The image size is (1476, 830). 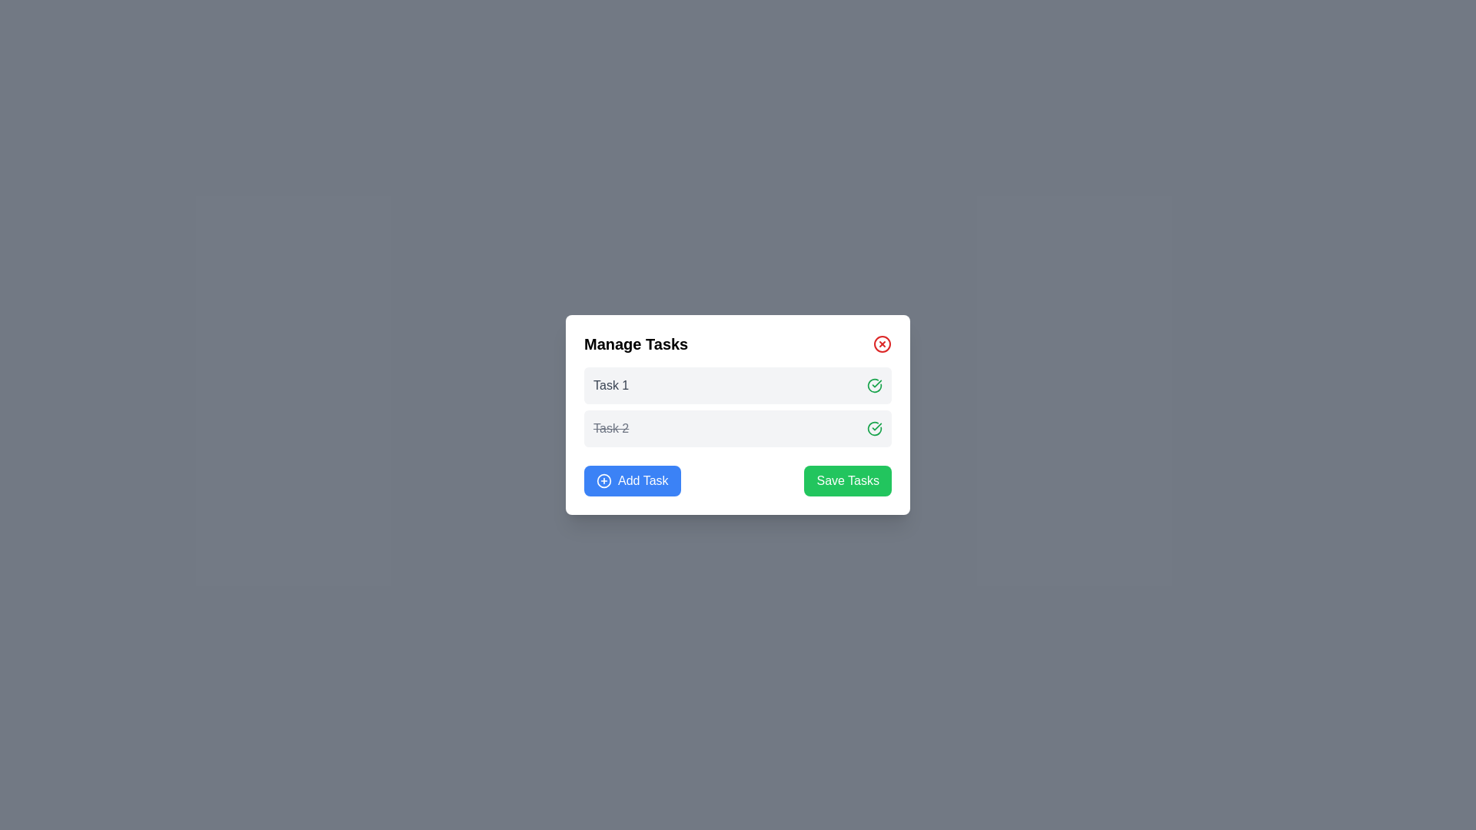 What do you see at coordinates (882, 343) in the screenshot?
I see `the circular red 'Close' button with a white 'X' at the top-right corner of the 'Manage Tasks' modal` at bounding box center [882, 343].